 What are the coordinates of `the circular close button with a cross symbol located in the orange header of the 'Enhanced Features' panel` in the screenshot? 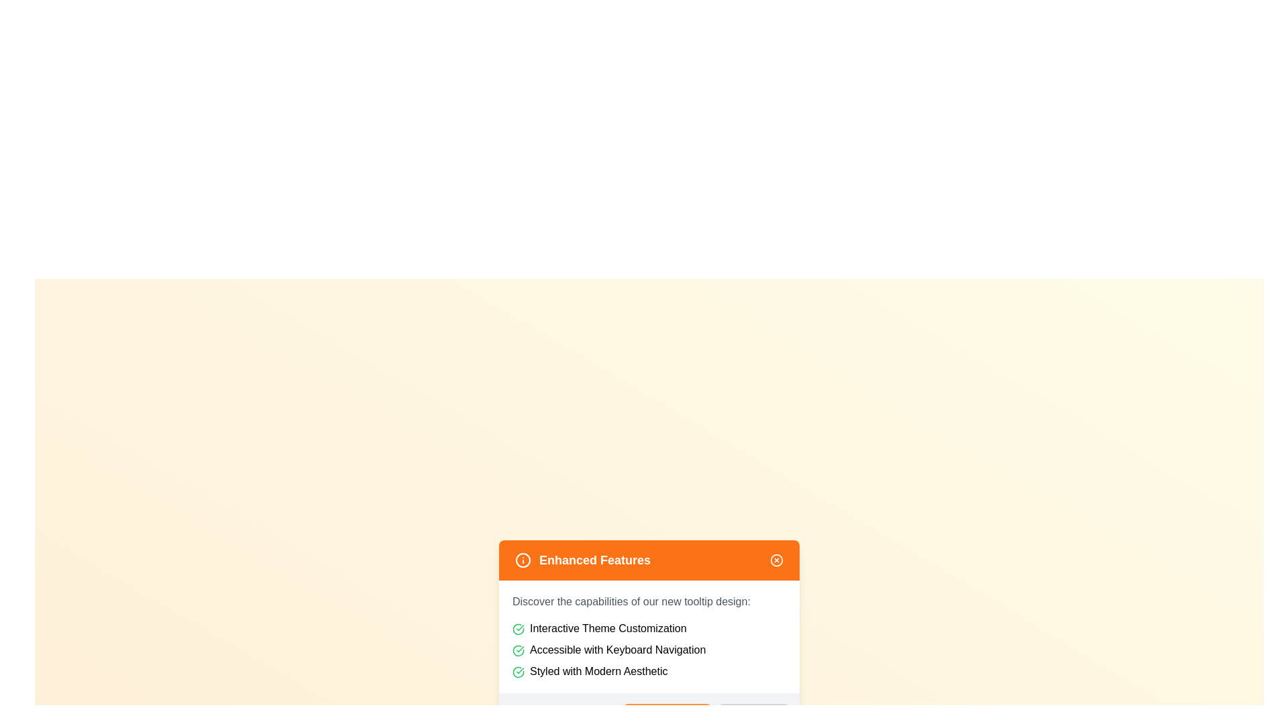 It's located at (776, 560).